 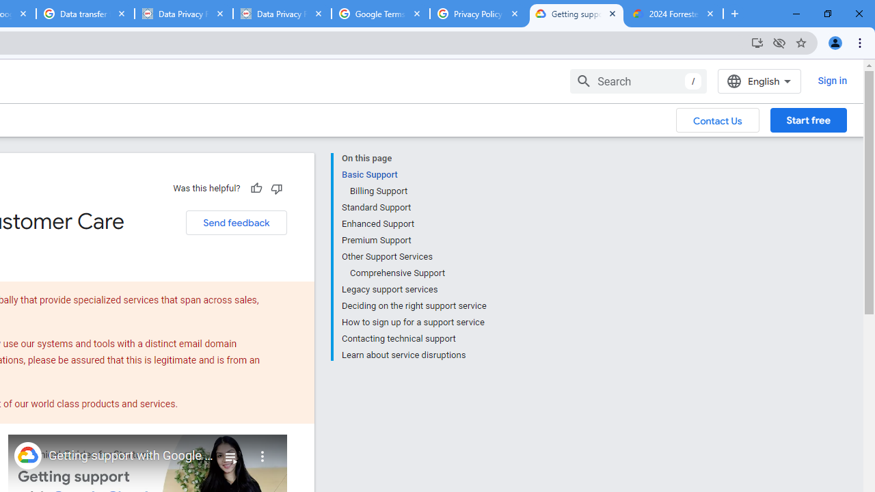 I want to click on 'Getting support with Google Cloud Customer Care', so click(x=131, y=456).